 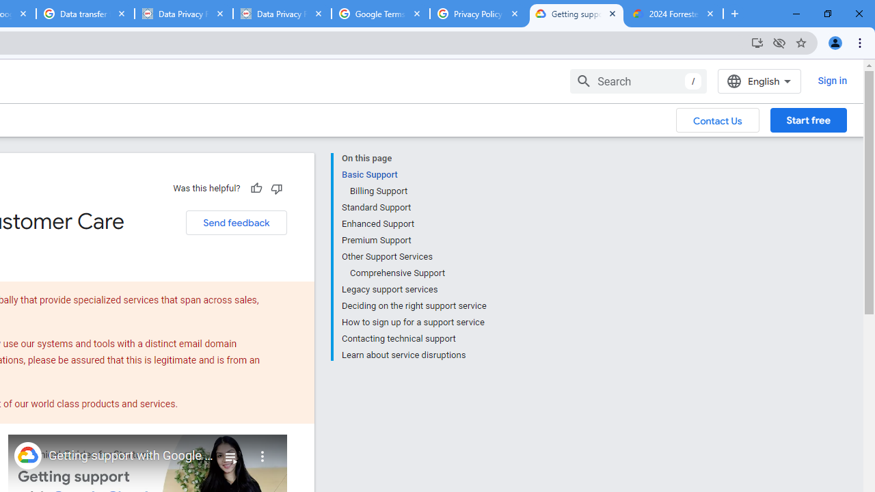 I want to click on 'Getting support with Google Cloud Customer Care', so click(x=131, y=456).